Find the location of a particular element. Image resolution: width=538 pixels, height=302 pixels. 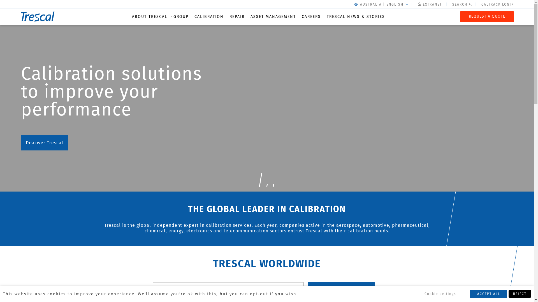

'ASSET MANAGEMENT' is located at coordinates (273, 16).